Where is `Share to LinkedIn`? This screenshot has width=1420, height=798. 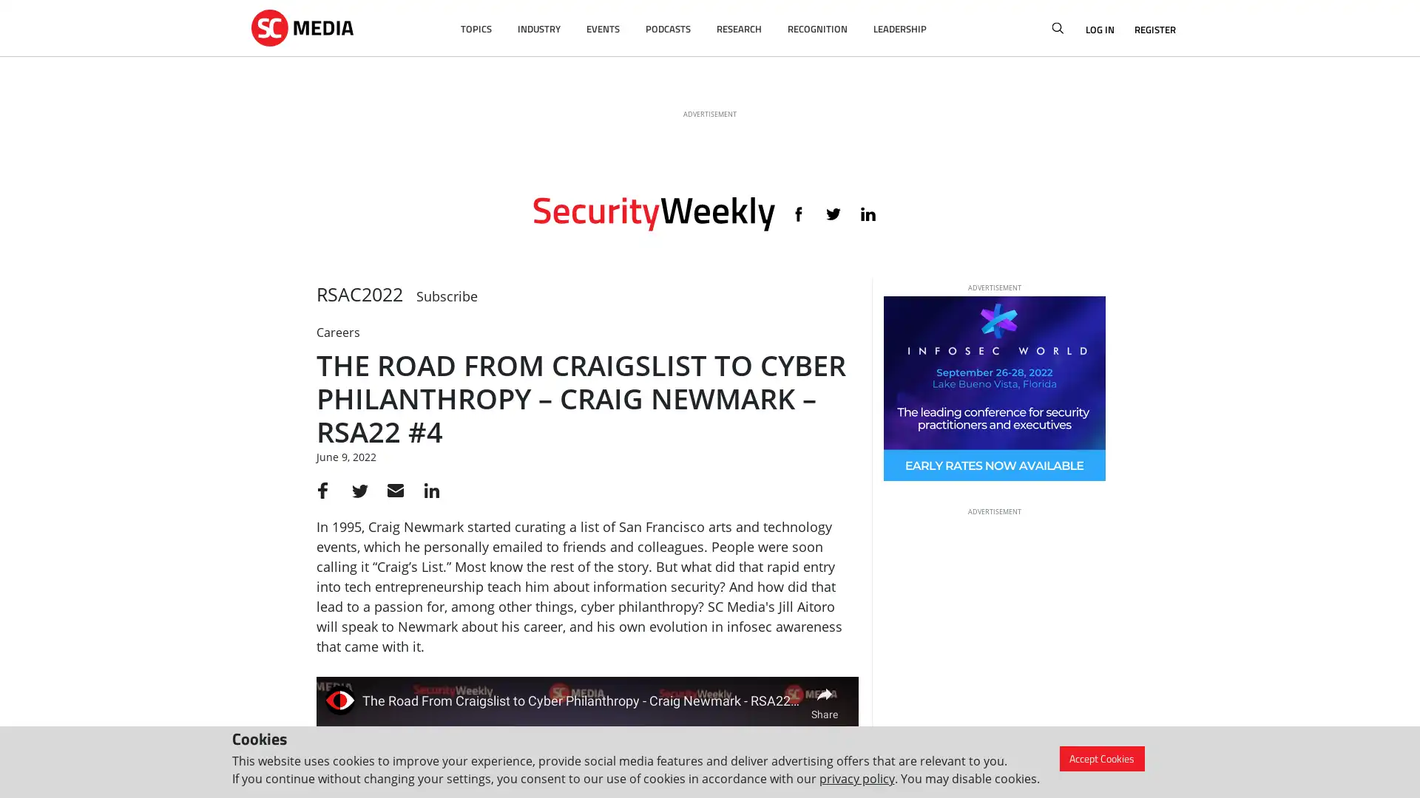
Share to LinkedIn is located at coordinates (425, 490).